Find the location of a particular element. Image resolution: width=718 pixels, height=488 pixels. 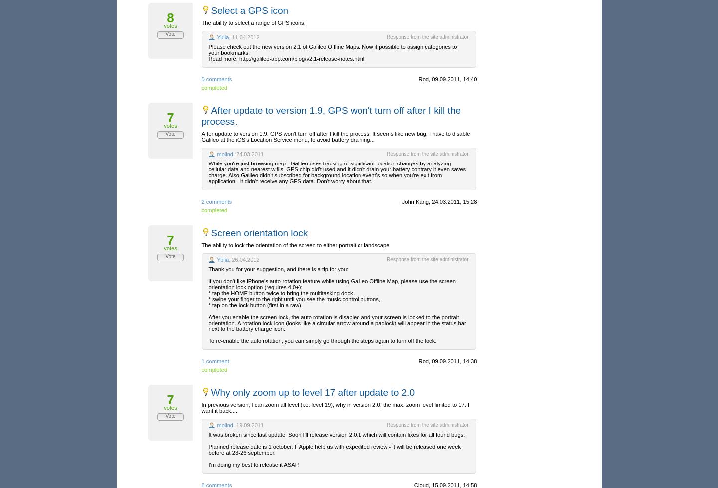

'The ability to select a range of GPS icons.' is located at coordinates (253, 23).